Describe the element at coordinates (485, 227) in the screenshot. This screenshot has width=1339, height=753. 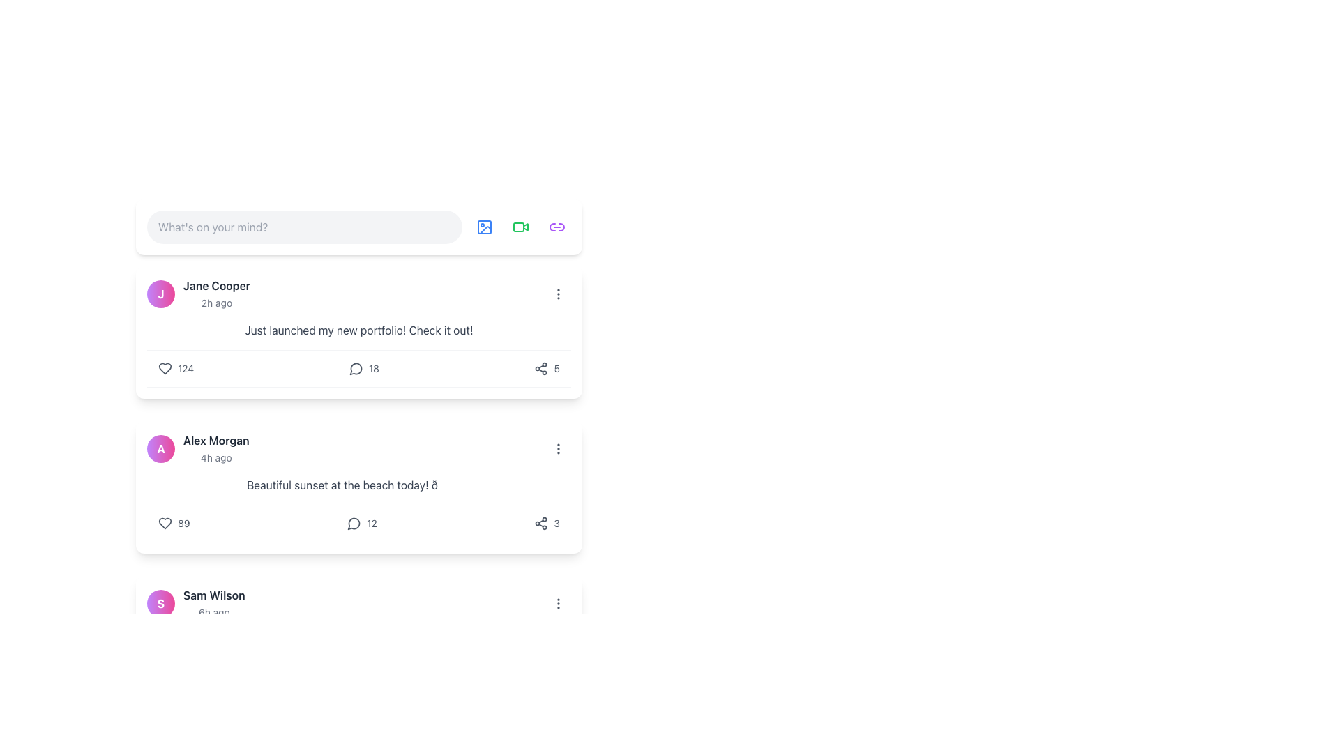
I see `the blue icon button resembling an image, which is the second icon in the top toolbar next to the text input box` at that location.